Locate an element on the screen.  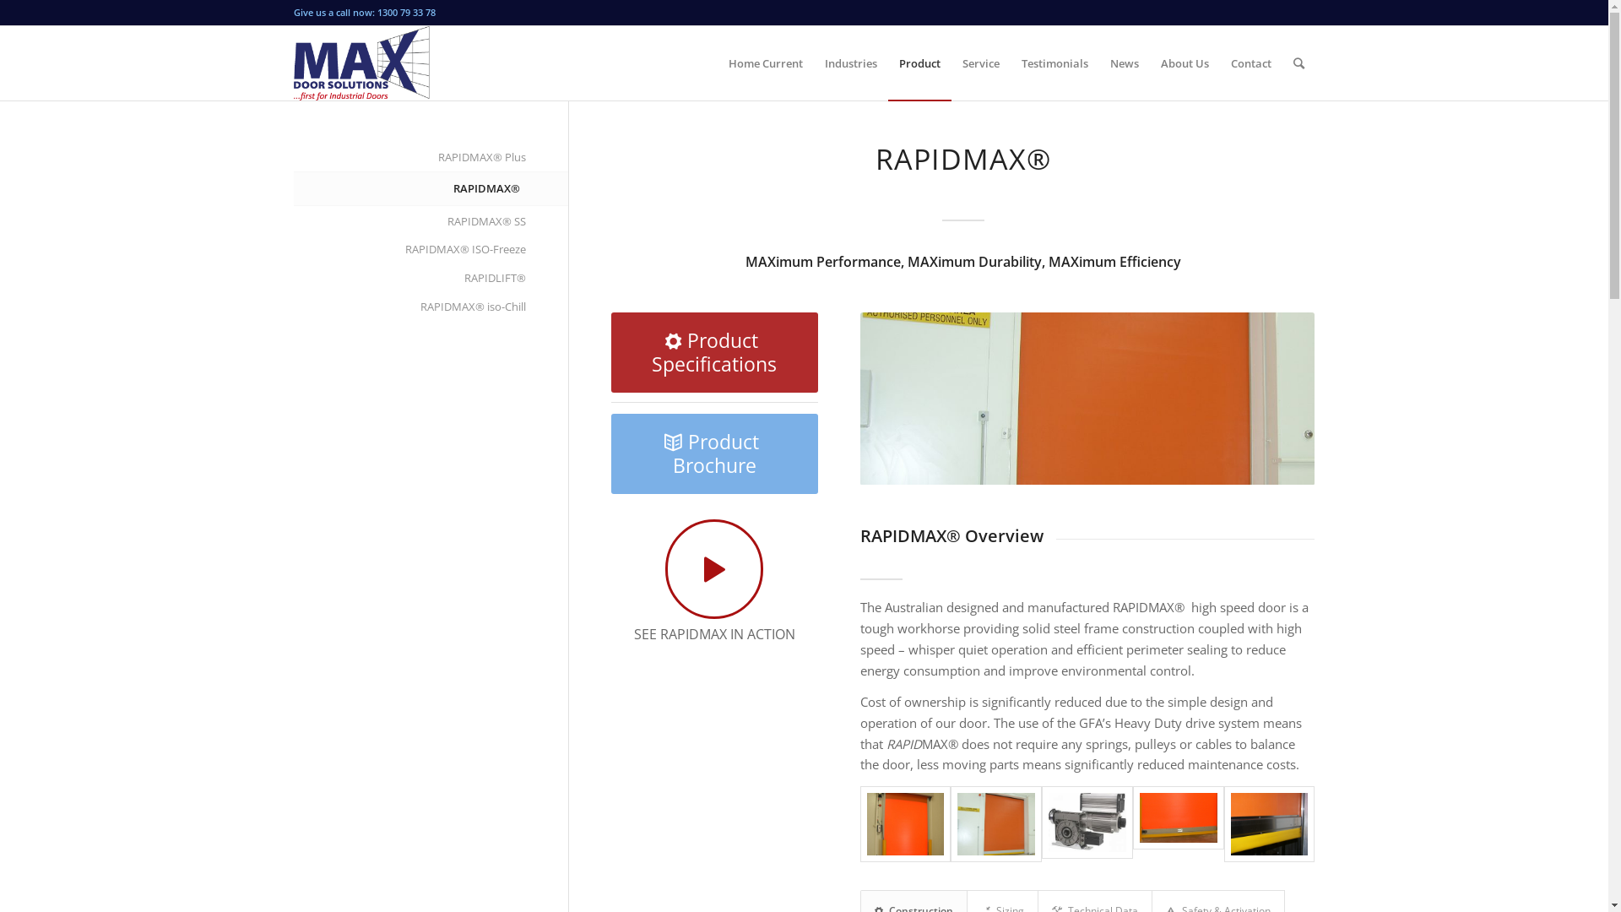
'Industries' is located at coordinates (851, 62).